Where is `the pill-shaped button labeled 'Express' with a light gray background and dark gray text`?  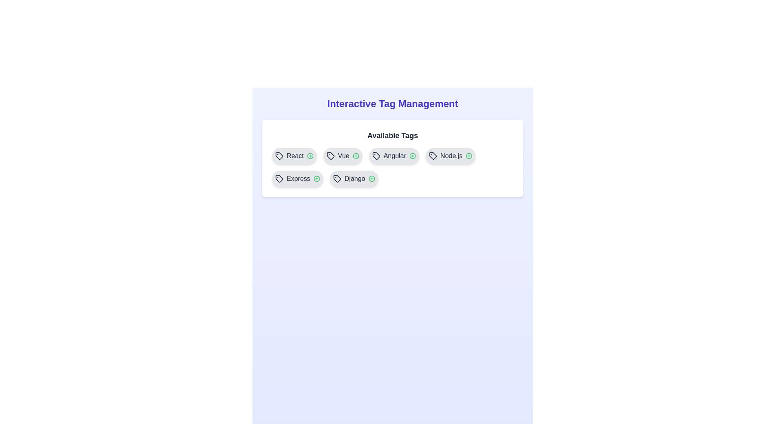 the pill-shaped button labeled 'Express' with a light gray background and dark gray text is located at coordinates (297, 178).